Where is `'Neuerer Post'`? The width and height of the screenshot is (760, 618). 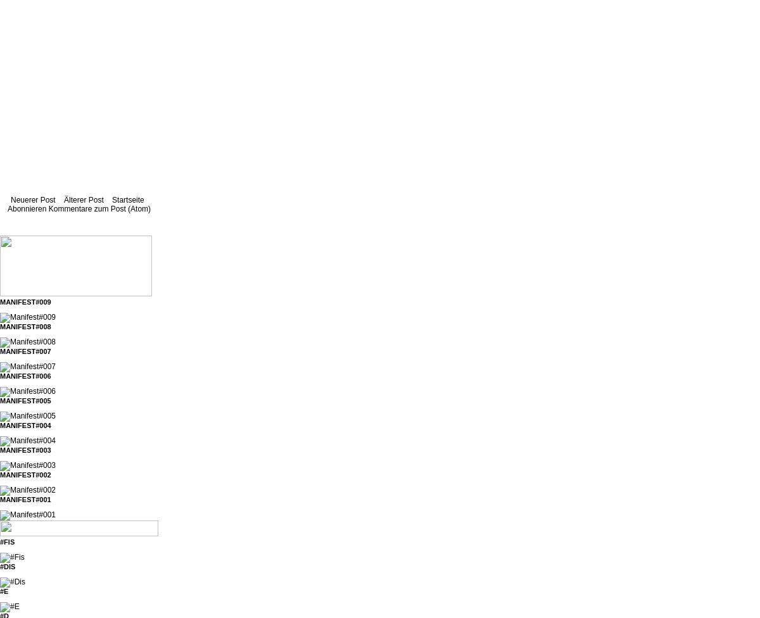 'Neuerer Post' is located at coordinates (32, 200).